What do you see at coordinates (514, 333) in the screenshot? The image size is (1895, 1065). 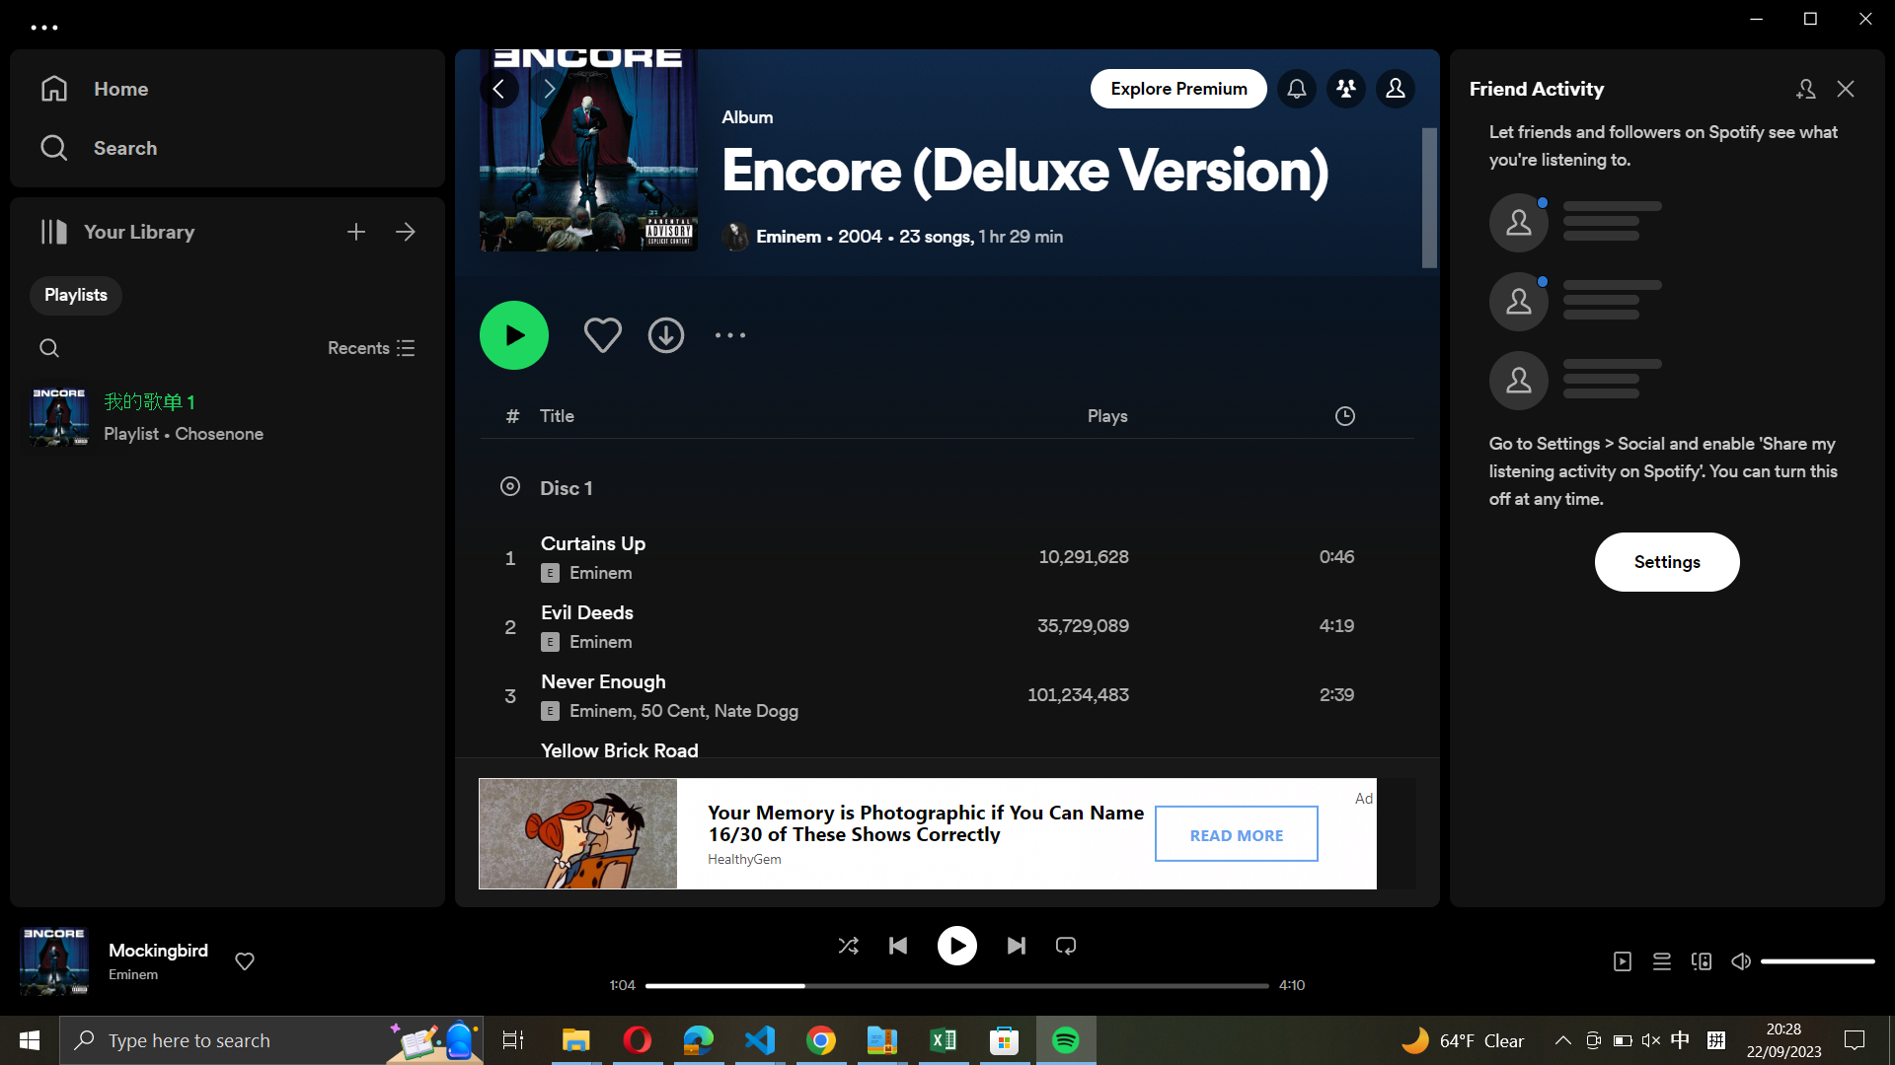 I see `Activate the playlist` at bounding box center [514, 333].